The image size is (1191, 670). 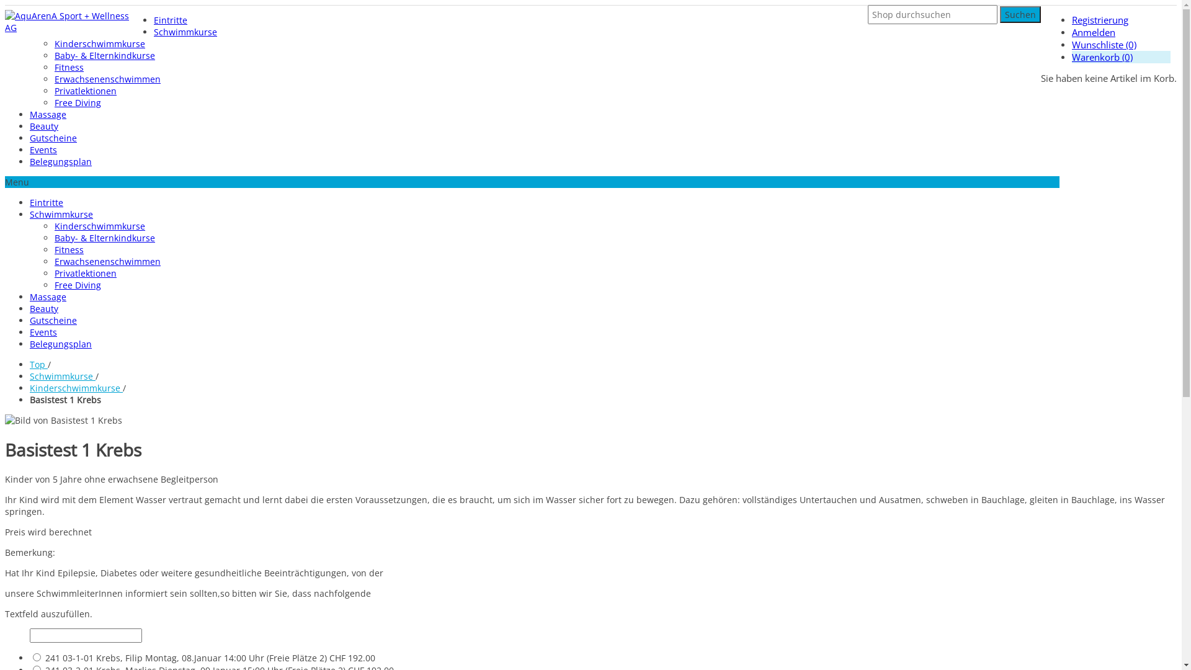 I want to click on 'Erwachsenenschwimmen', so click(x=107, y=79).